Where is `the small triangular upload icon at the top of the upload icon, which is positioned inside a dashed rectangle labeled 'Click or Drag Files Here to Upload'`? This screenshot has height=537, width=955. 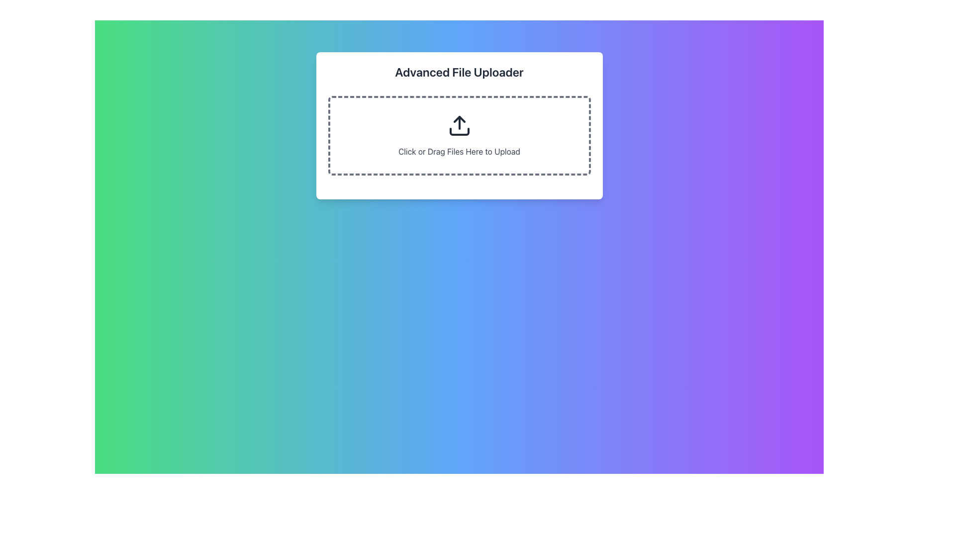 the small triangular upload icon at the top of the upload icon, which is positioned inside a dashed rectangle labeled 'Click or Drag Files Here to Upload' is located at coordinates (459, 118).